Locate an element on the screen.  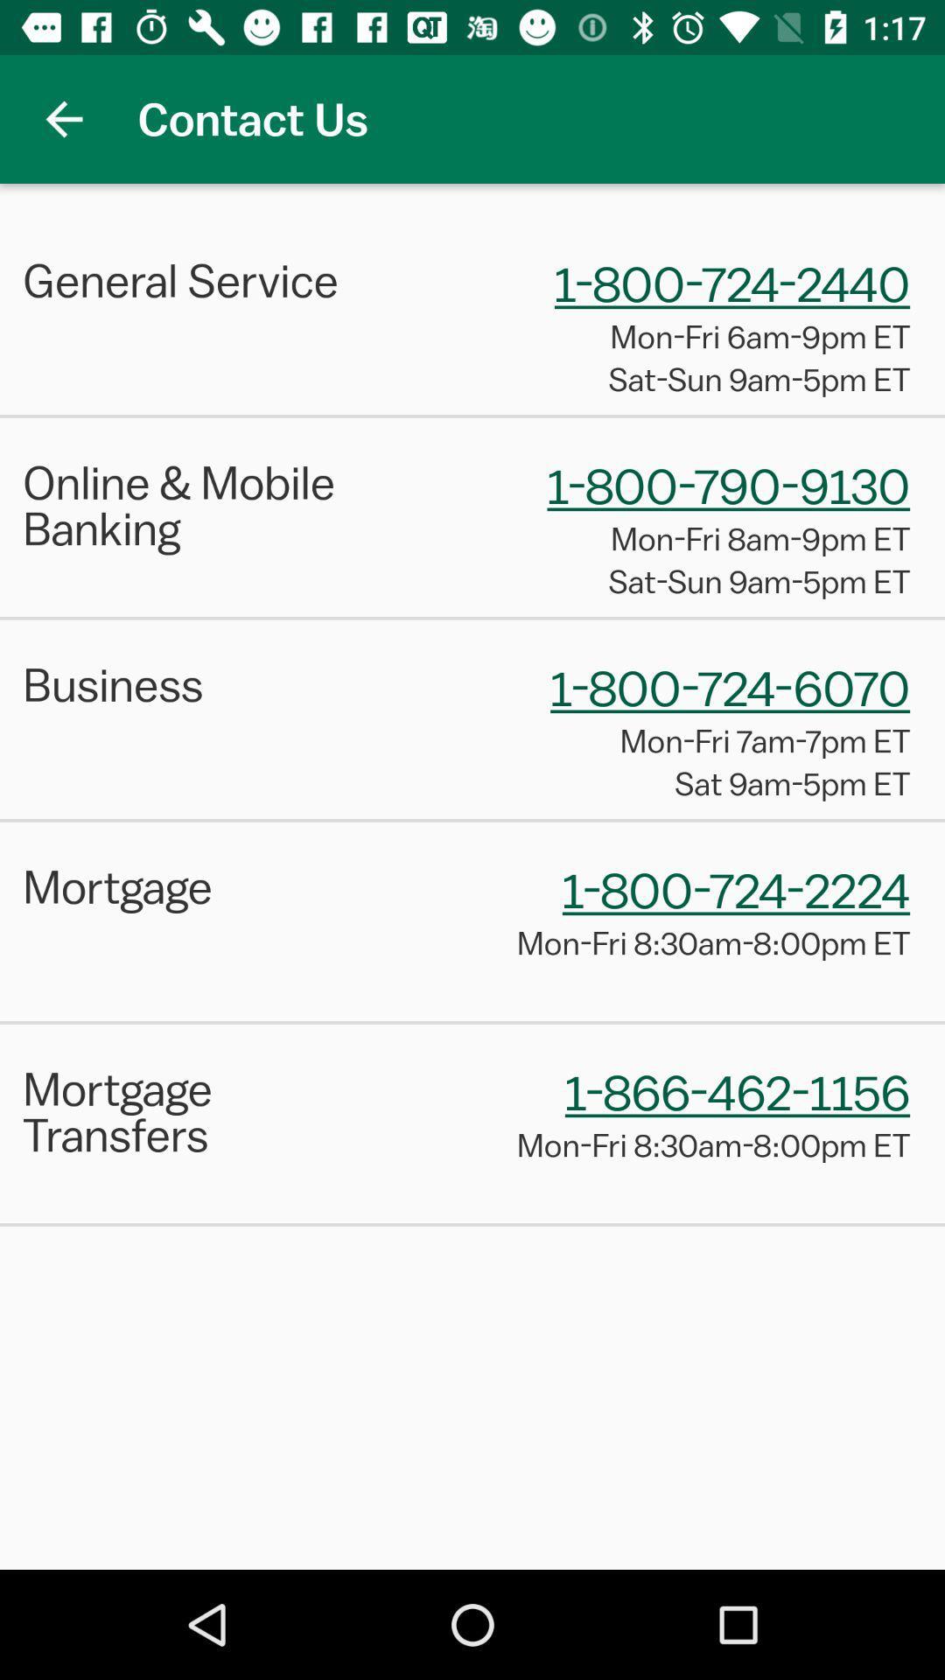
the 1 866 462 is located at coordinates (738, 1090).